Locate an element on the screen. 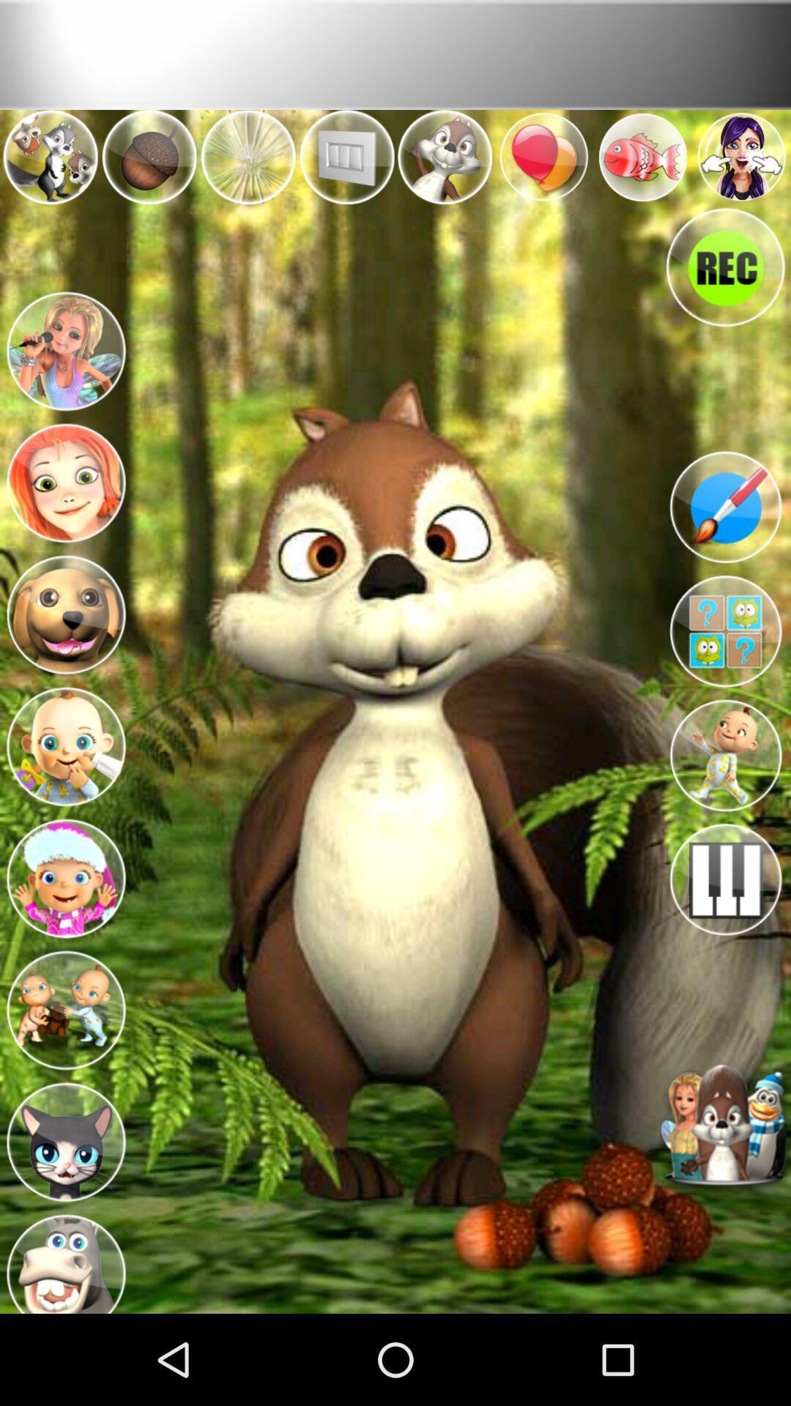  the avatar icon is located at coordinates (64, 373).